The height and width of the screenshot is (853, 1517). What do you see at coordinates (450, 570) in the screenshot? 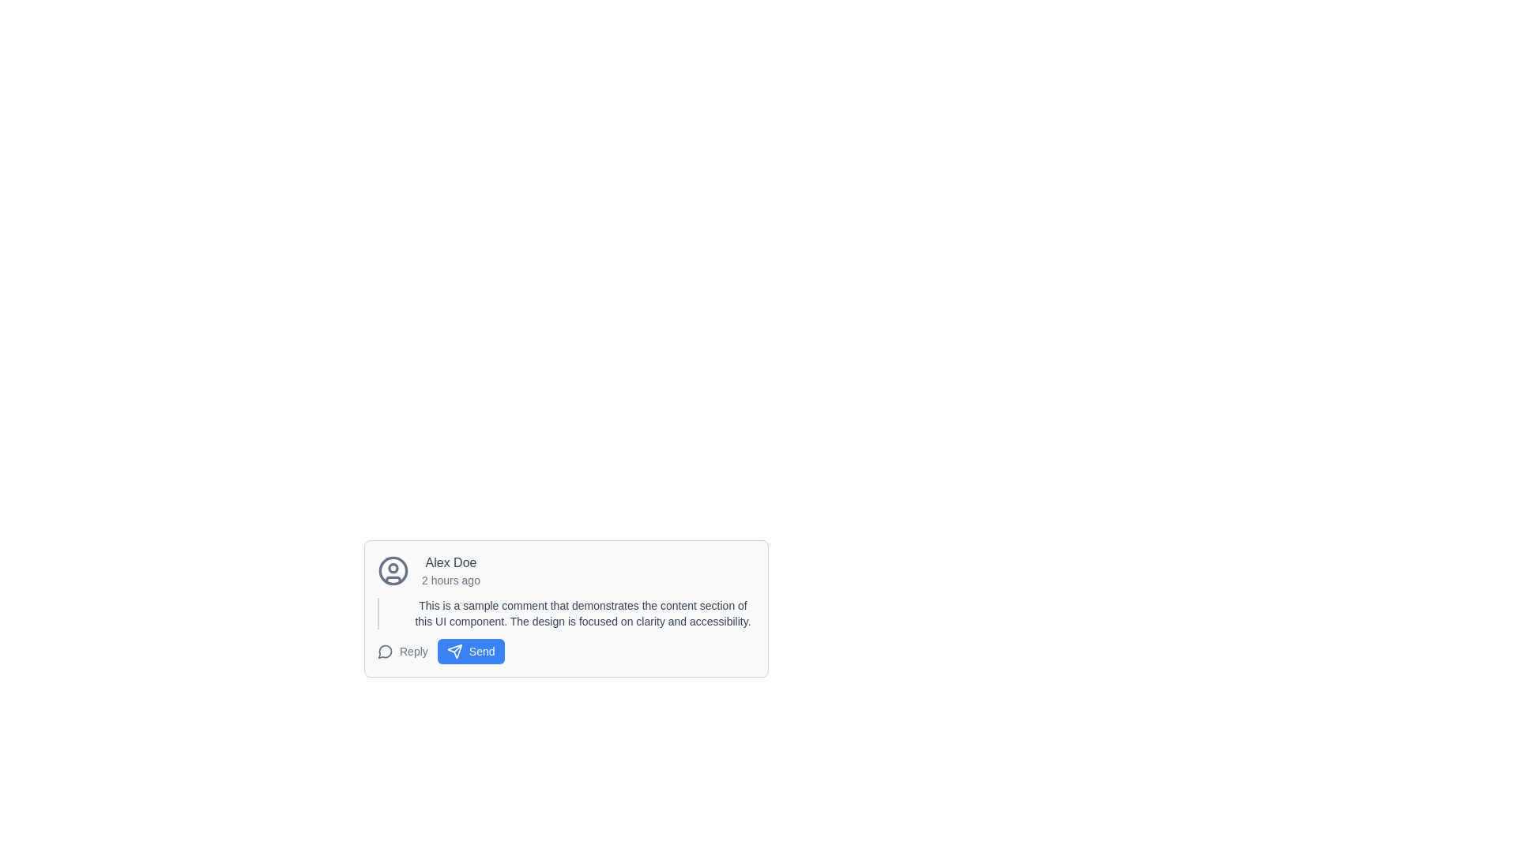
I see `the text block displaying the username 'Alex Doe' and the timestamp '2 hours ago', which is located in the user profile section` at bounding box center [450, 570].